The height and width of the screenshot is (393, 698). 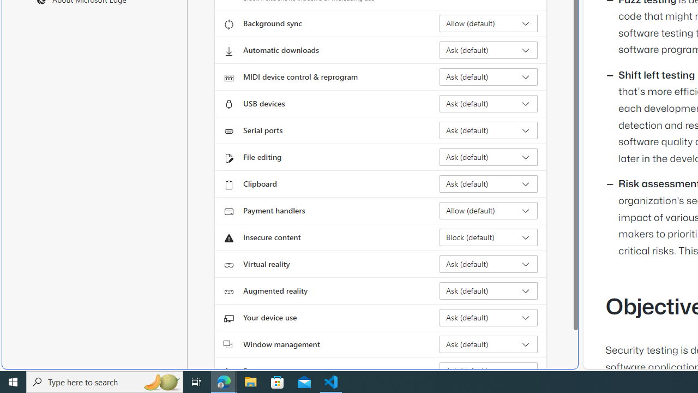 What do you see at coordinates (488, 157) in the screenshot?
I see `'File editing Ask (default)'` at bounding box center [488, 157].